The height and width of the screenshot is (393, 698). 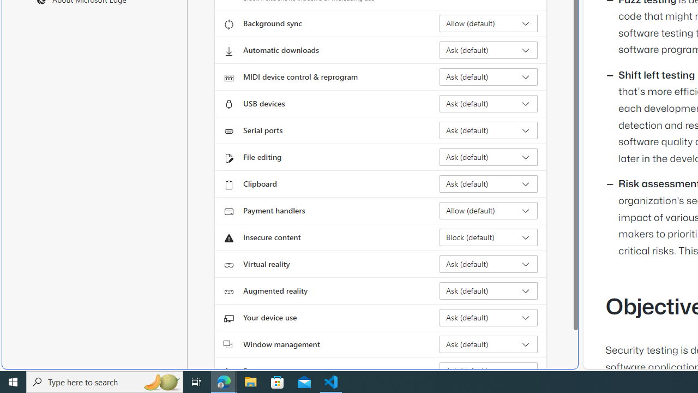 What do you see at coordinates (488, 157) in the screenshot?
I see `'File editing Ask (default)'` at bounding box center [488, 157].